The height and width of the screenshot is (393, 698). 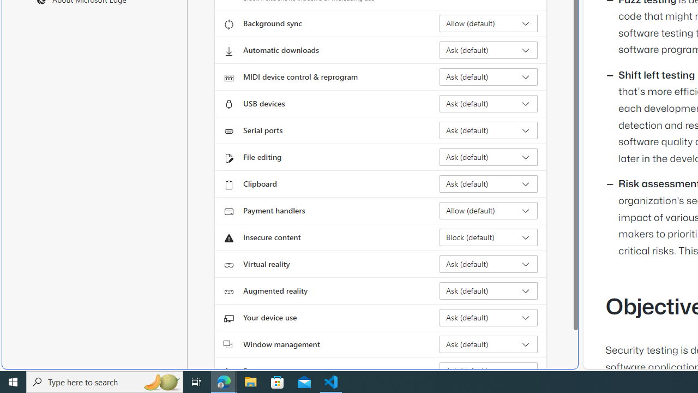 What do you see at coordinates (488, 157) in the screenshot?
I see `'File editing Ask (default)'` at bounding box center [488, 157].